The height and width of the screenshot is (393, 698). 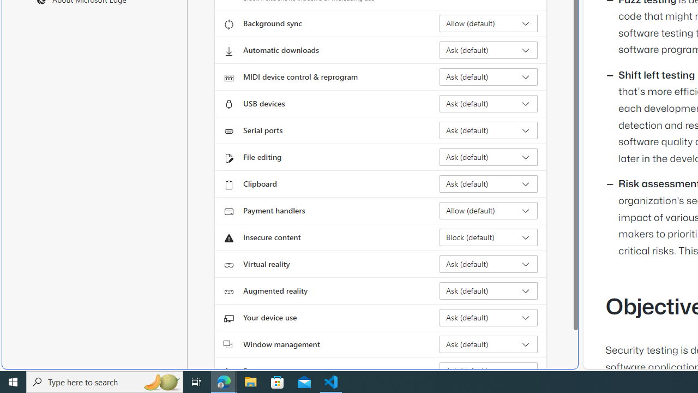 What do you see at coordinates (488, 157) in the screenshot?
I see `'File editing Ask (default)'` at bounding box center [488, 157].